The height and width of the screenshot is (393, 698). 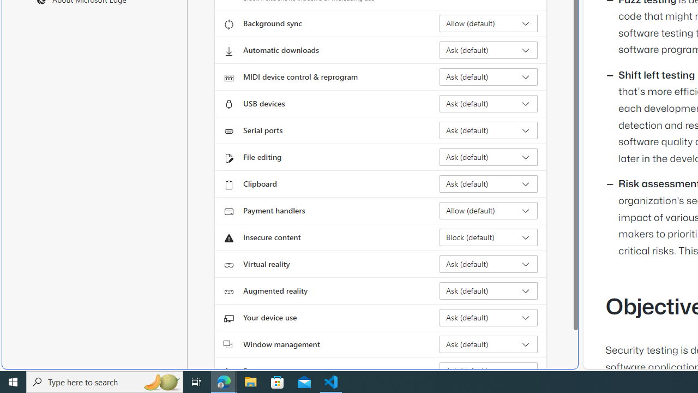 What do you see at coordinates (488, 157) in the screenshot?
I see `'File editing Ask (default)'` at bounding box center [488, 157].